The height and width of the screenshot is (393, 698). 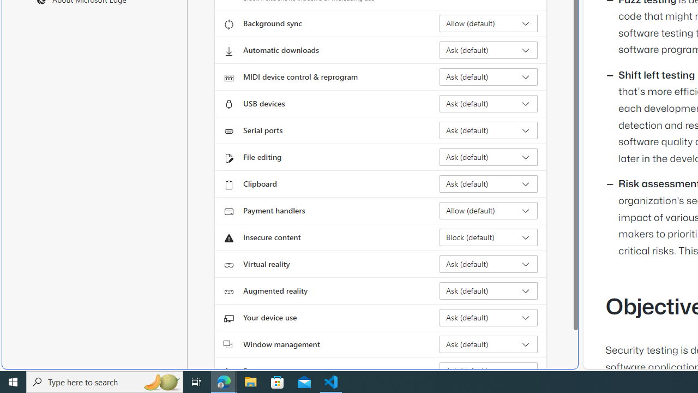 What do you see at coordinates (488, 157) in the screenshot?
I see `'File editing Ask (default)'` at bounding box center [488, 157].